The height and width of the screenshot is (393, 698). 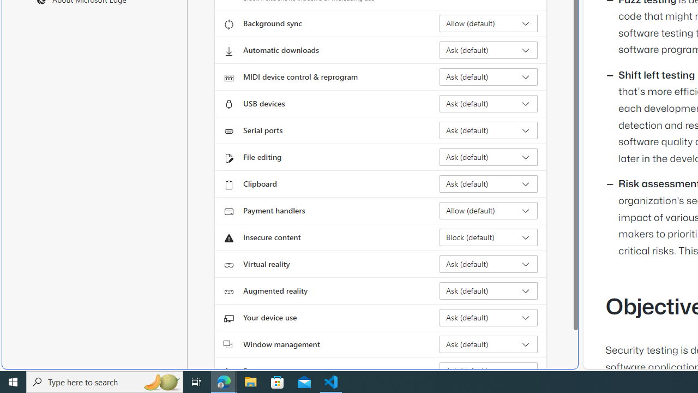 What do you see at coordinates (488, 157) in the screenshot?
I see `'File editing Ask (default)'` at bounding box center [488, 157].